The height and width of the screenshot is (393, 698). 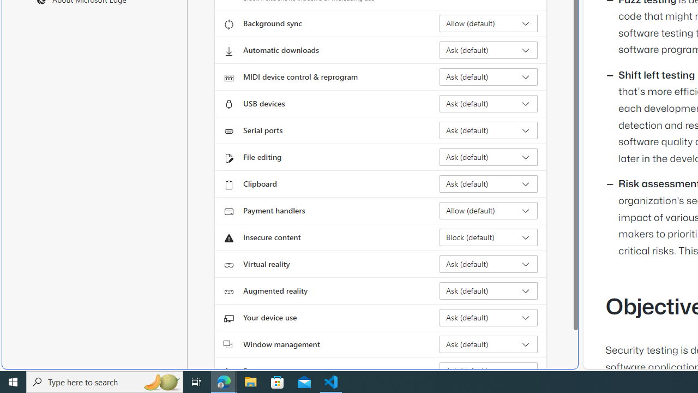 What do you see at coordinates (488, 157) in the screenshot?
I see `'File editing Ask (default)'` at bounding box center [488, 157].